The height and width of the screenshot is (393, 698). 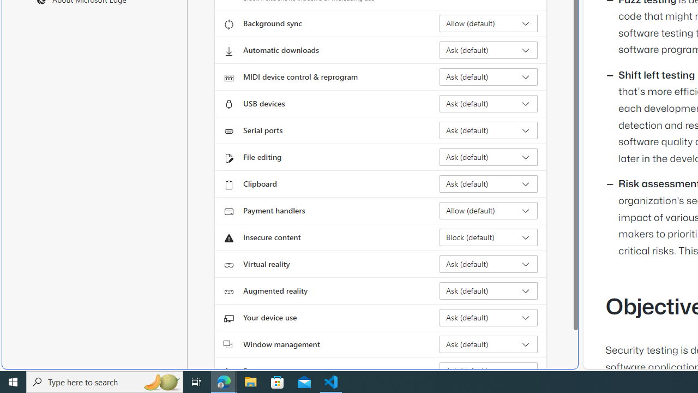 What do you see at coordinates (488, 157) in the screenshot?
I see `'File editing Ask (default)'` at bounding box center [488, 157].